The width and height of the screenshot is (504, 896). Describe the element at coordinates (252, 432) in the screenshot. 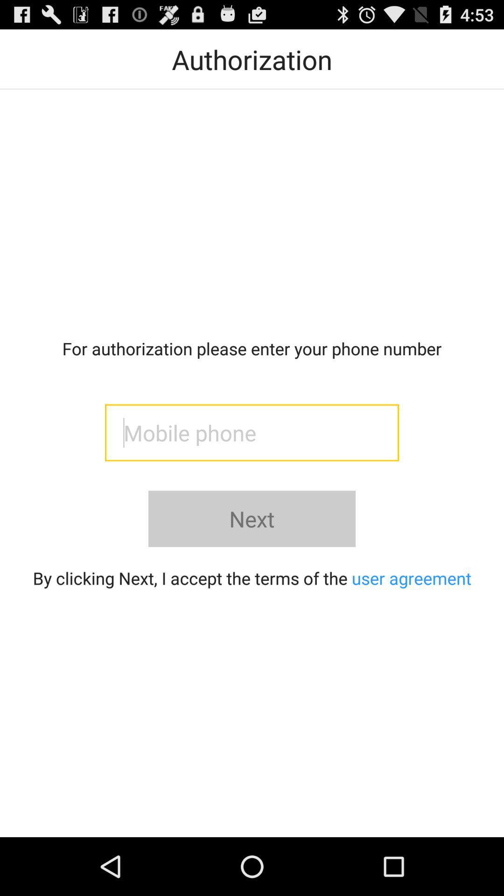

I see `icon below the for authorization please item` at that location.